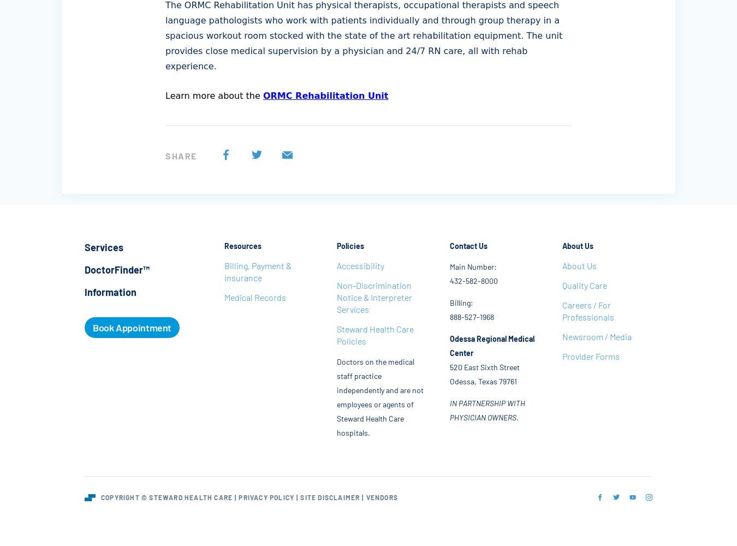 The width and height of the screenshot is (737, 546). Describe the element at coordinates (214, 96) in the screenshot. I see `'Learn more about the'` at that location.